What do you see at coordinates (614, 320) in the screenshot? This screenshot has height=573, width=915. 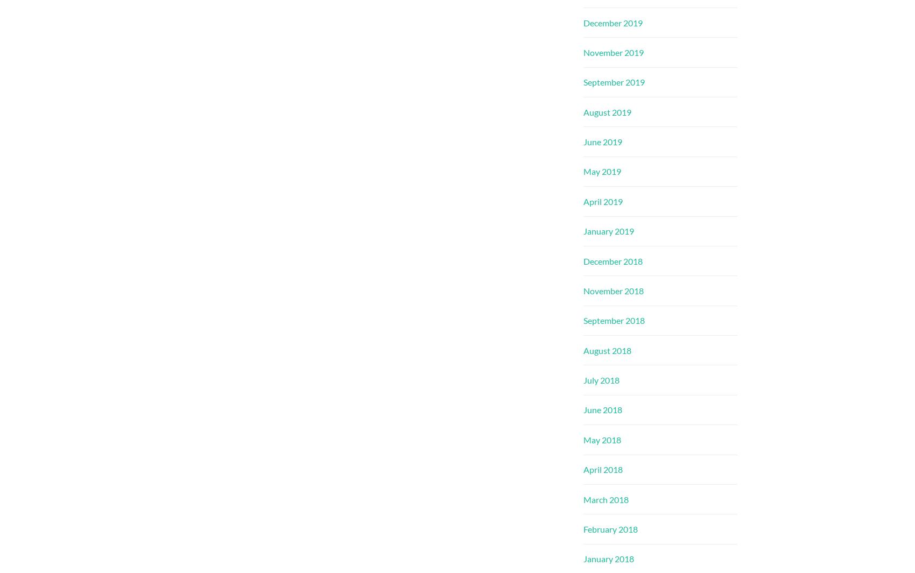 I see `'September 2018'` at bounding box center [614, 320].